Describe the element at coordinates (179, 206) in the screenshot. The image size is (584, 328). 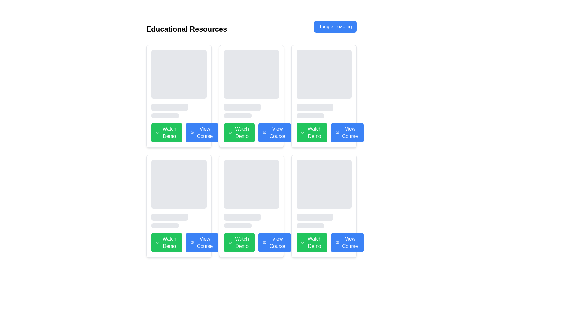
I see `the 'View Course' button on the educational resource card located in the second row, first column of the grid layout` at that location.